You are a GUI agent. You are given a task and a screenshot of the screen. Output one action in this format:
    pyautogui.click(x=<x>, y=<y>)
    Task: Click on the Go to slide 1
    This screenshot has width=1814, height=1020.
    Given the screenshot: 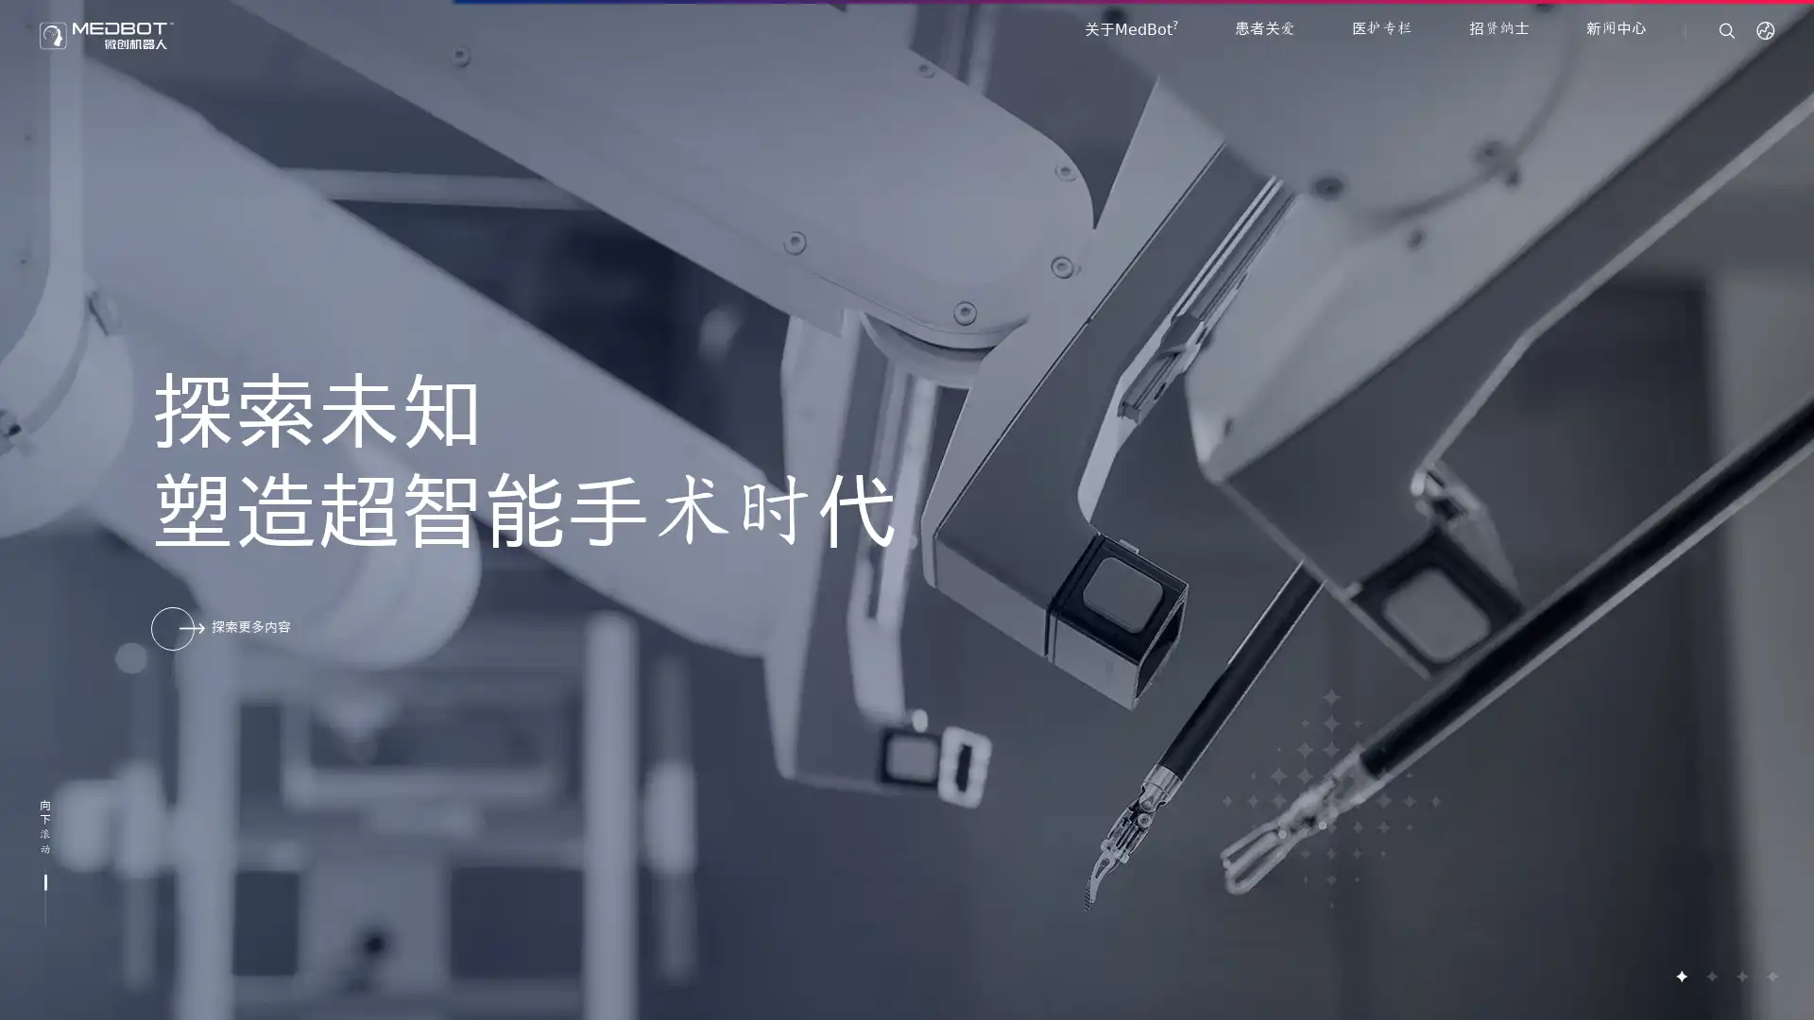 What is the action you would take?
    pyautogui.click(x=1681, y=976)
    